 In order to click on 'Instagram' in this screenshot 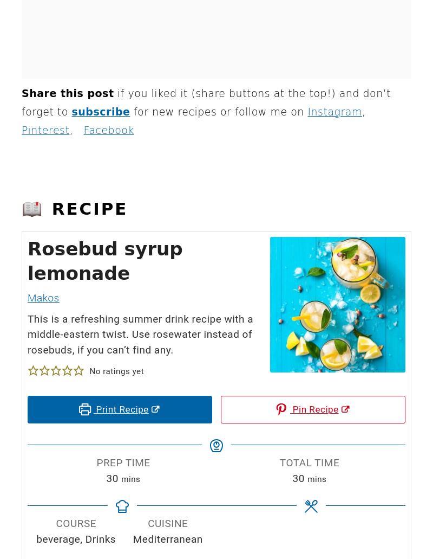, I will do `click(334, 110)`.